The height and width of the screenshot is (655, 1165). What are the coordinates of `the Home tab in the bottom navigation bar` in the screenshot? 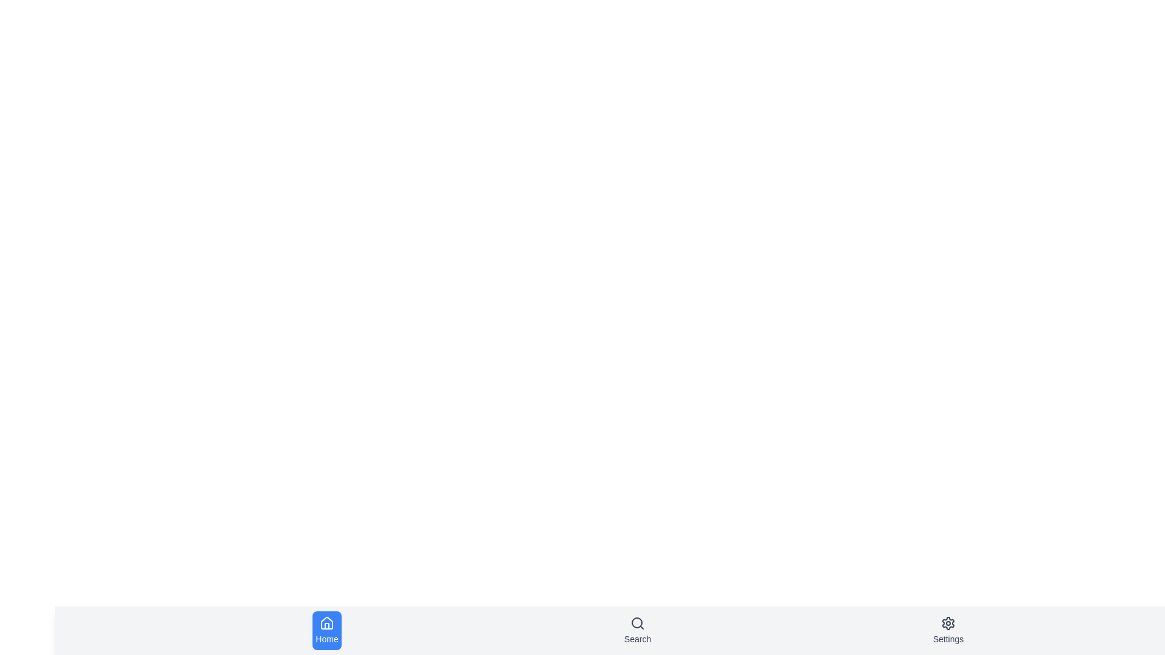 It's located at (326, 630).